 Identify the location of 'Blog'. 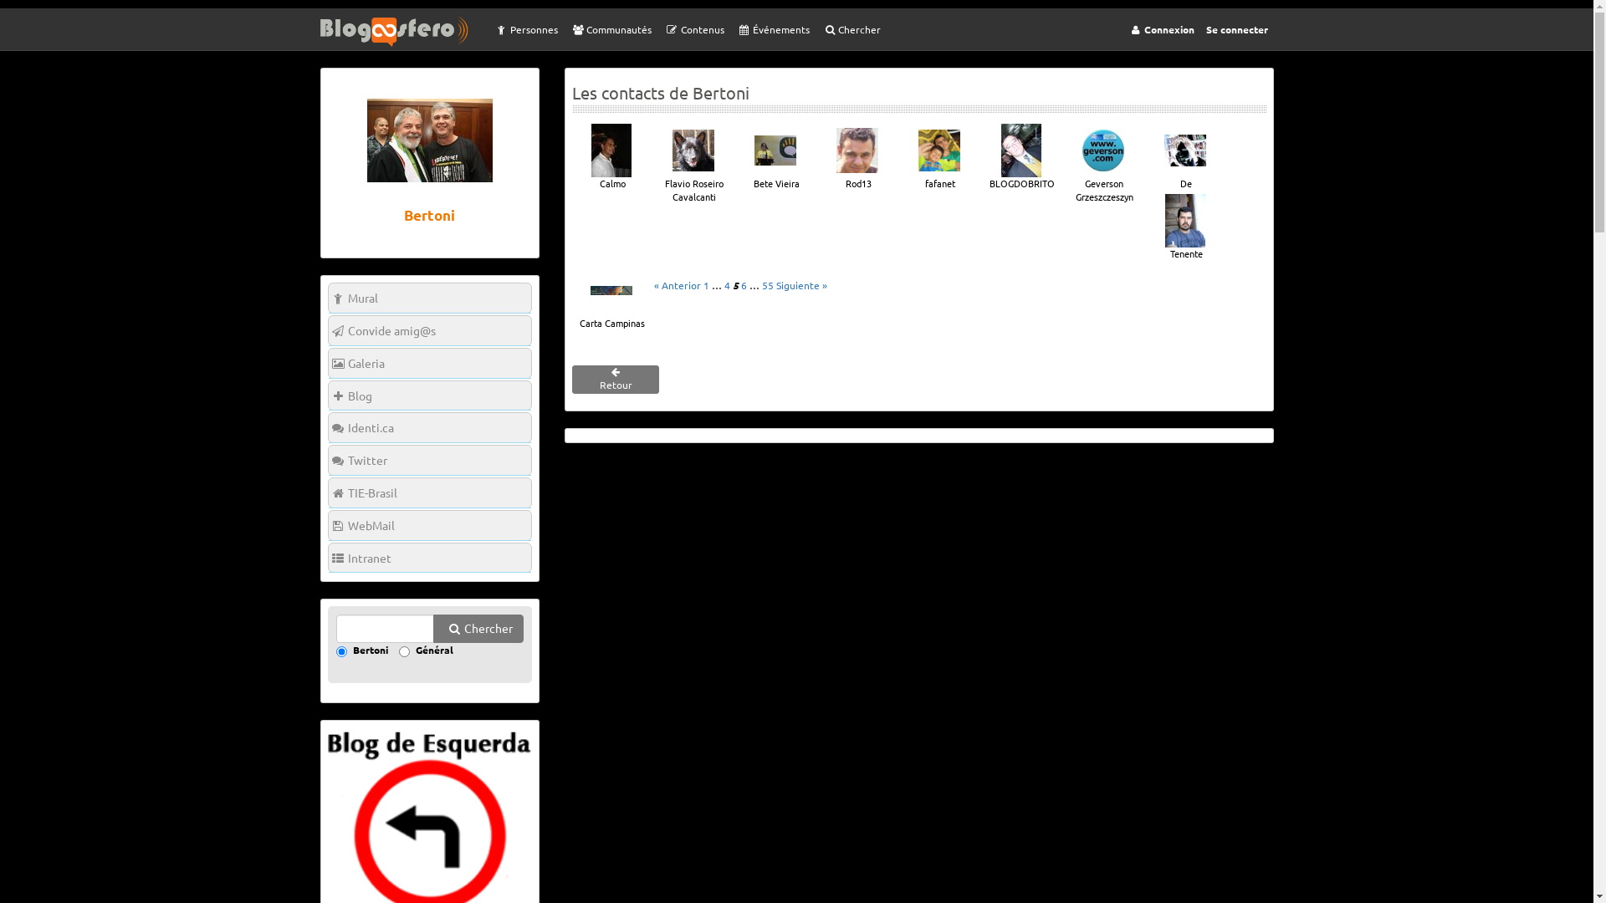
(429, 395).